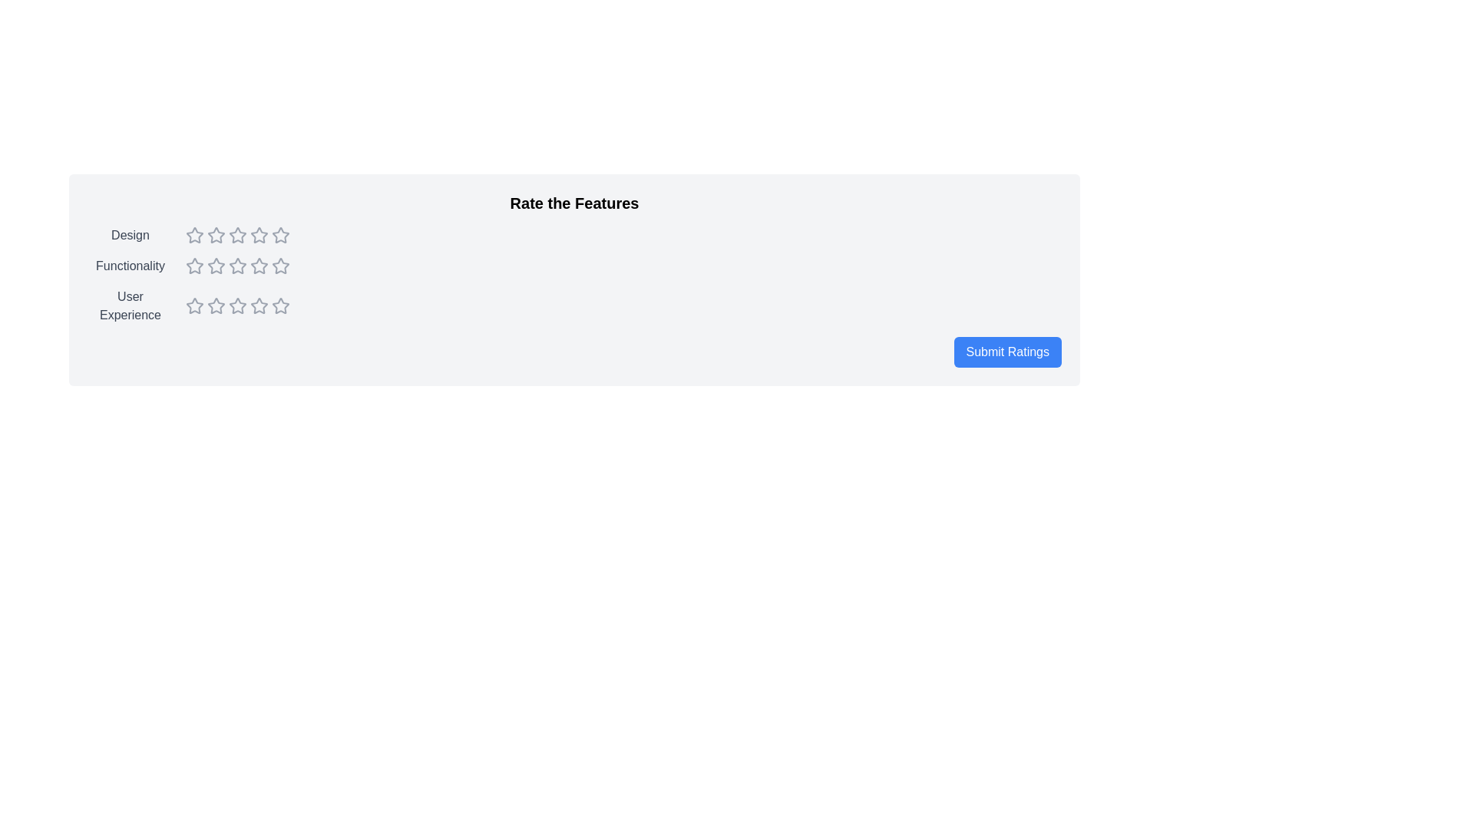 The width and height of the screenshot is (1474, 829). Describe the element at coordinates (194, 266) in the screenshot. I see `the second star icon in the rating line under the 'Functionality' category` at that location.